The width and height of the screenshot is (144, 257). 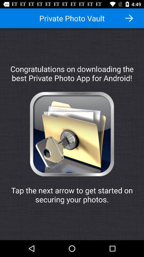 I want to click on the item next to the private photo vault, so click(x=129, y=18).